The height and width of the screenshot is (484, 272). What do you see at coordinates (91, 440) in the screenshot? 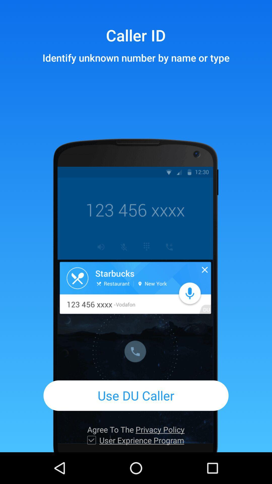
I see `the icon to the left of the user exprience program` at bounding box center [91, 440].